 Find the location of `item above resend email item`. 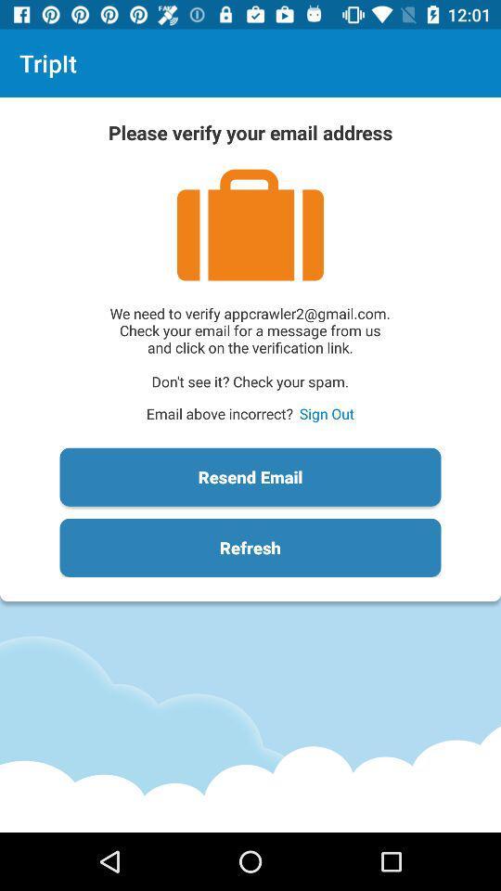

item above resend email item is located at coordinates (326, 413).